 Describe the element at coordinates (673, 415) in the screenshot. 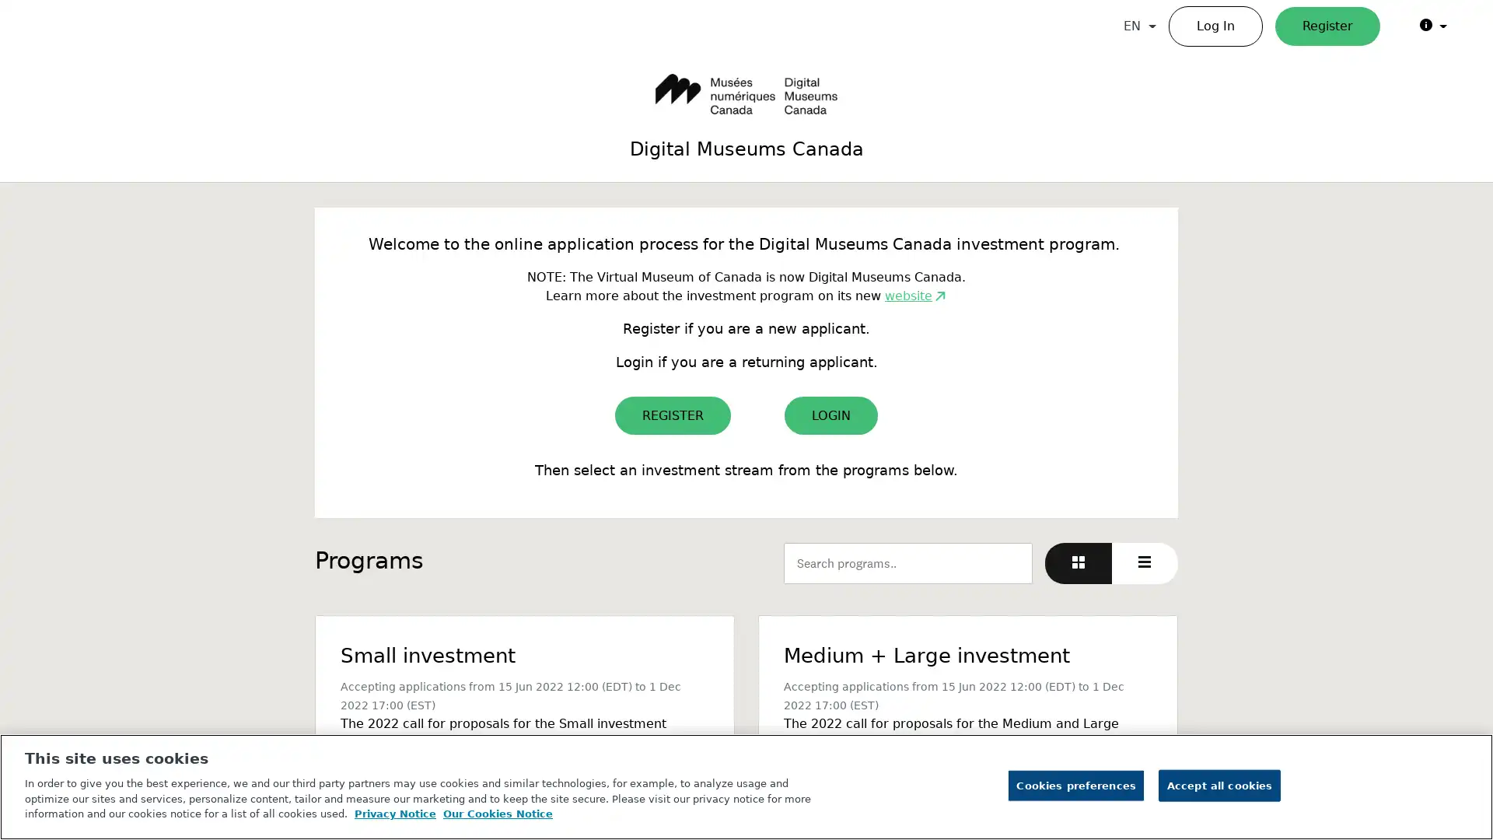

I see `REGISTER` at that location.